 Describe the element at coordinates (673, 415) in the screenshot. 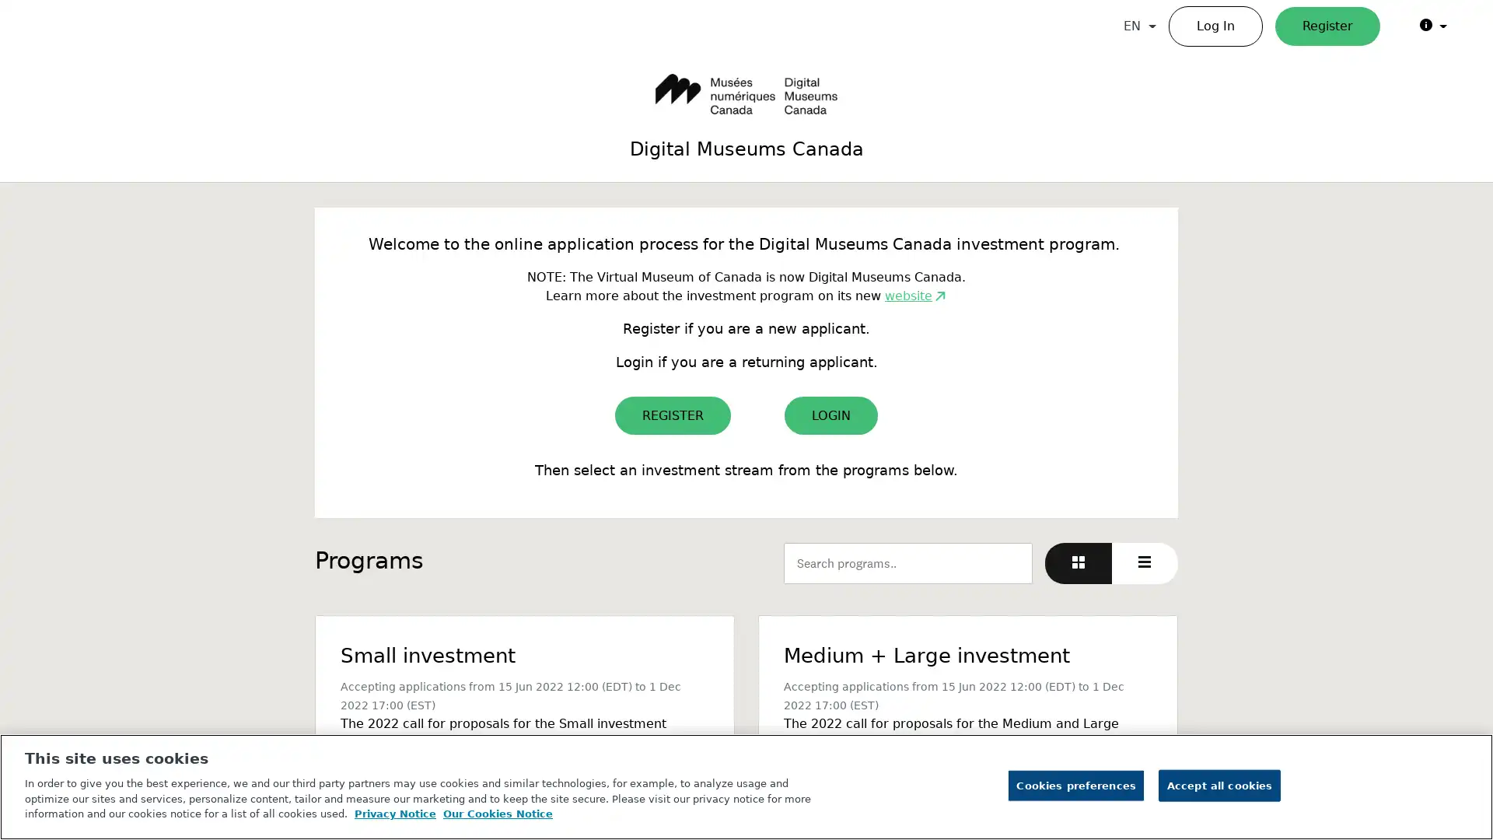

I see `REGISTER` at that location.